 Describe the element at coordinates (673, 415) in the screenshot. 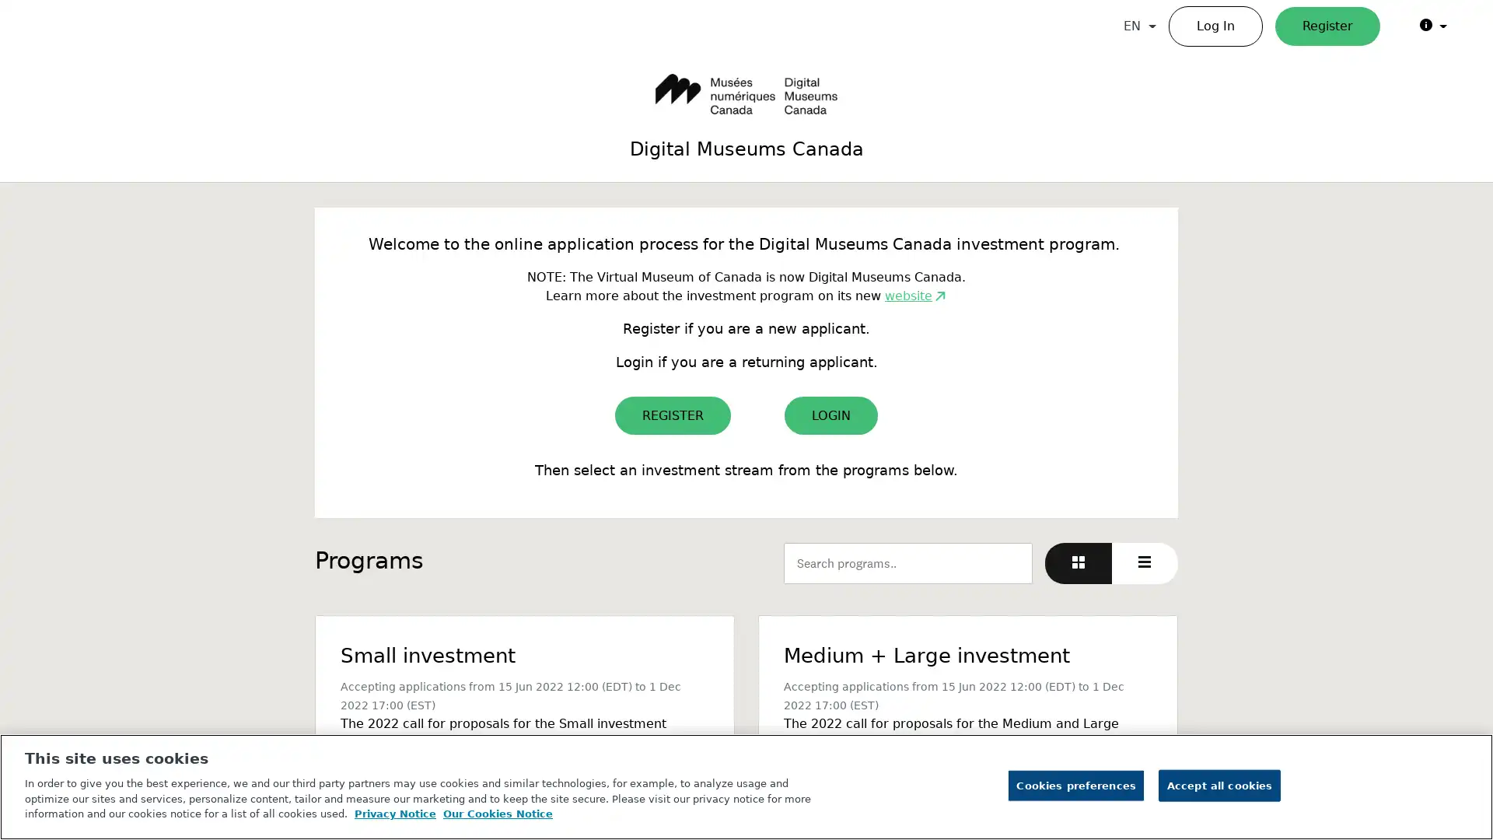

I see `REGISTER` at that location.